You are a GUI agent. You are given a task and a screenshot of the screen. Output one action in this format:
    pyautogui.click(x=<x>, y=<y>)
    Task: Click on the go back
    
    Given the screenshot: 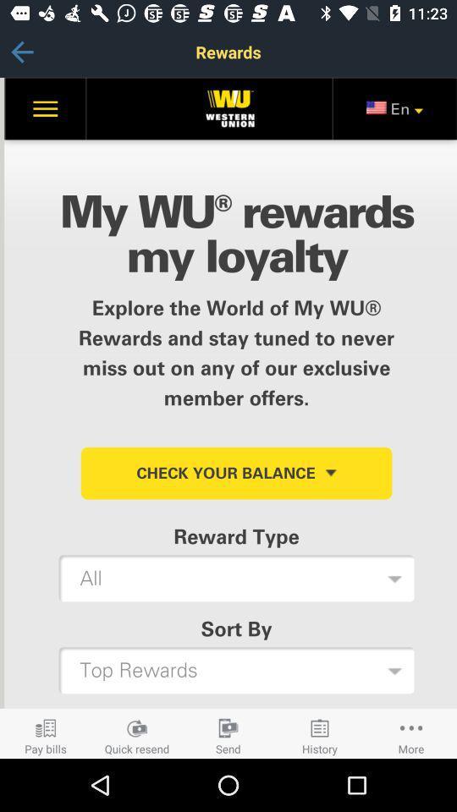 What is the action you would take?
    pyautogui.click(x=21, y=52)
    